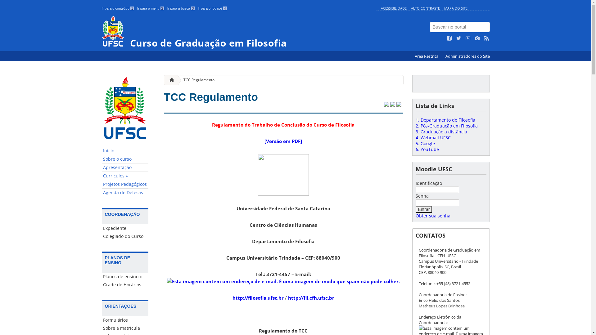 The width and height of the screenshot is (596, 335). I want to click on 'Curta no Facebook', so click(447, 38).